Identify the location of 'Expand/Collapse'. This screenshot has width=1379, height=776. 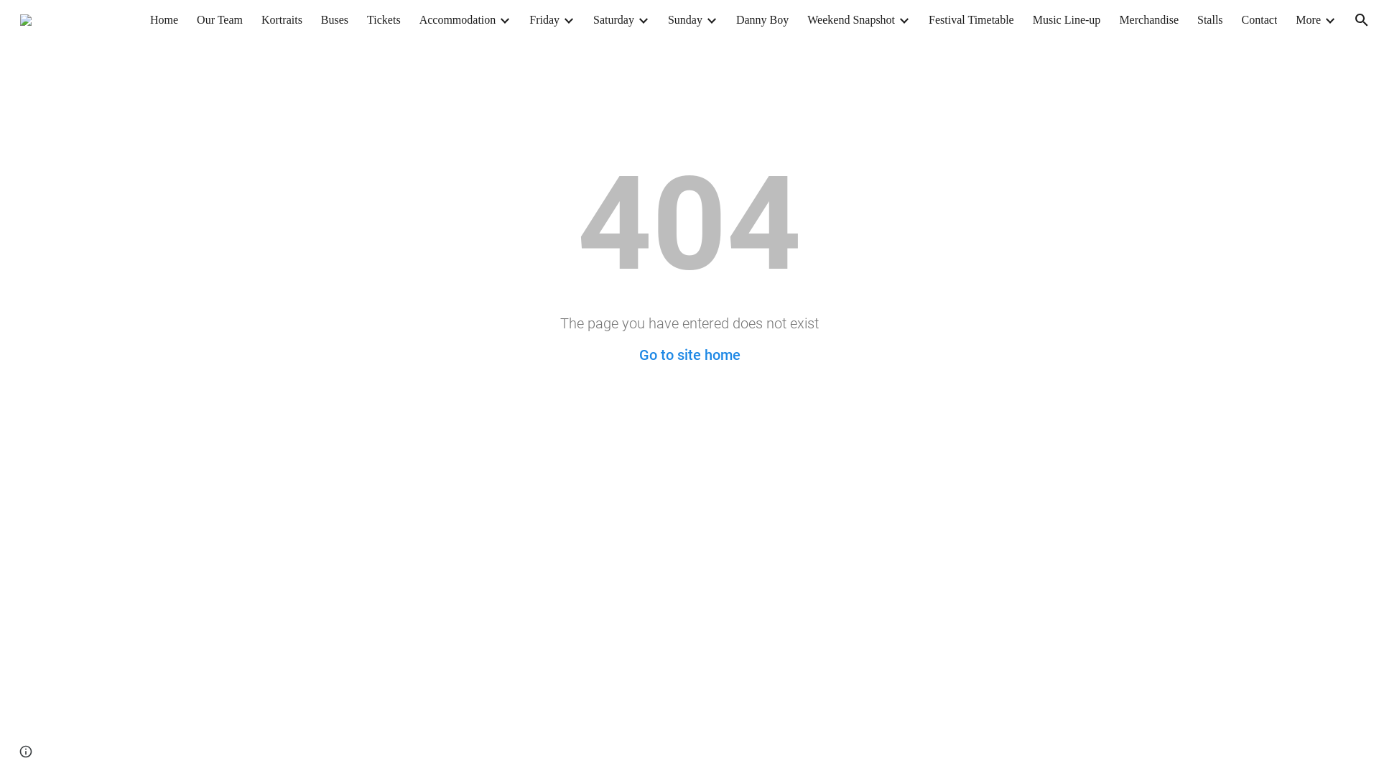
(1329, 19).